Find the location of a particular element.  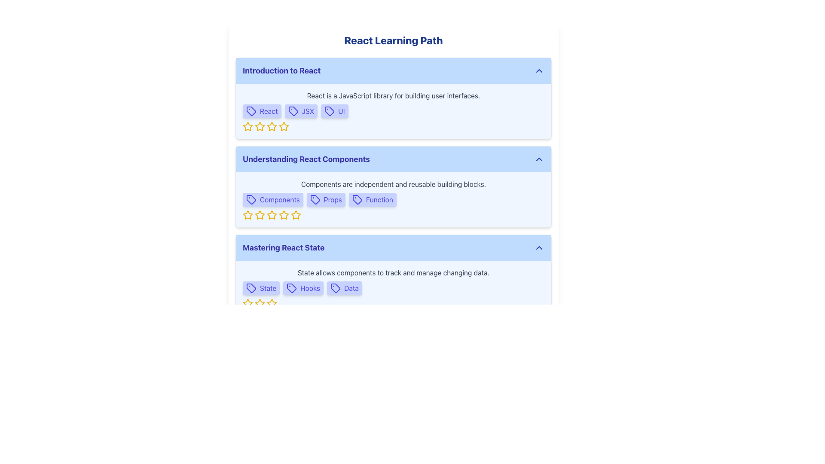

the first rating star in the horizontal row located below the 'Introduction to React' section to indicate a rating level is located at coordinates (259, 126).